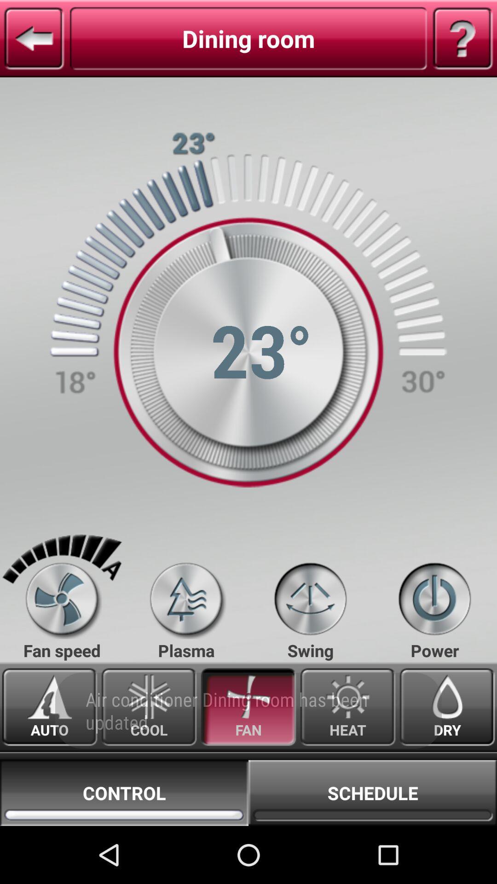 Image resolution: width=497 pixels, height=884 pixels. I want to click on the location_crosshair icon, so click(310, 640).